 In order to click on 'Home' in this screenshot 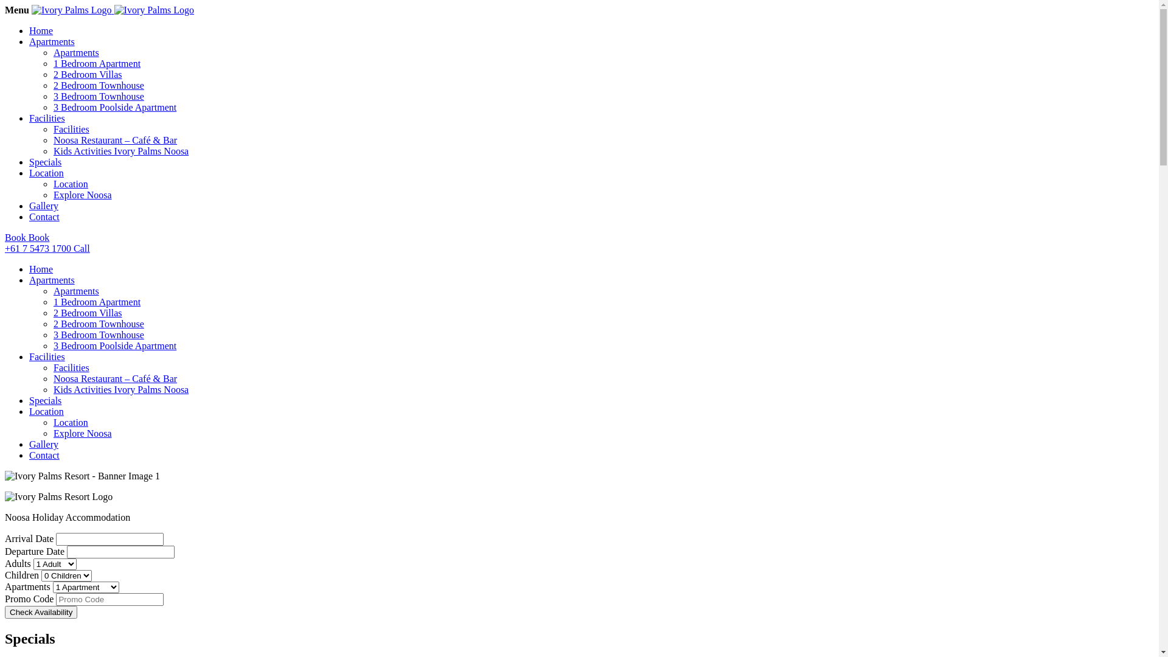, I will do `click(41, 268)`.